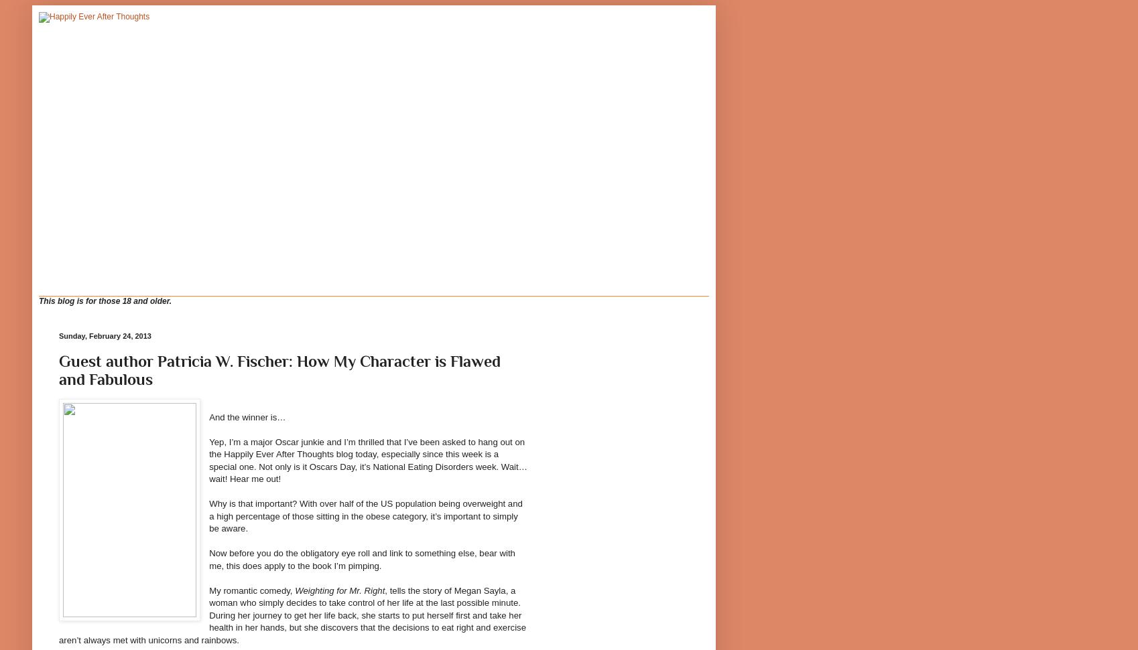 The image size is (1138, 650). I want to click on 'Now before you do the obligatory eye roll and link to
something else, bear with me, this does apply to the book I’m pimping.', so click(208, 558).